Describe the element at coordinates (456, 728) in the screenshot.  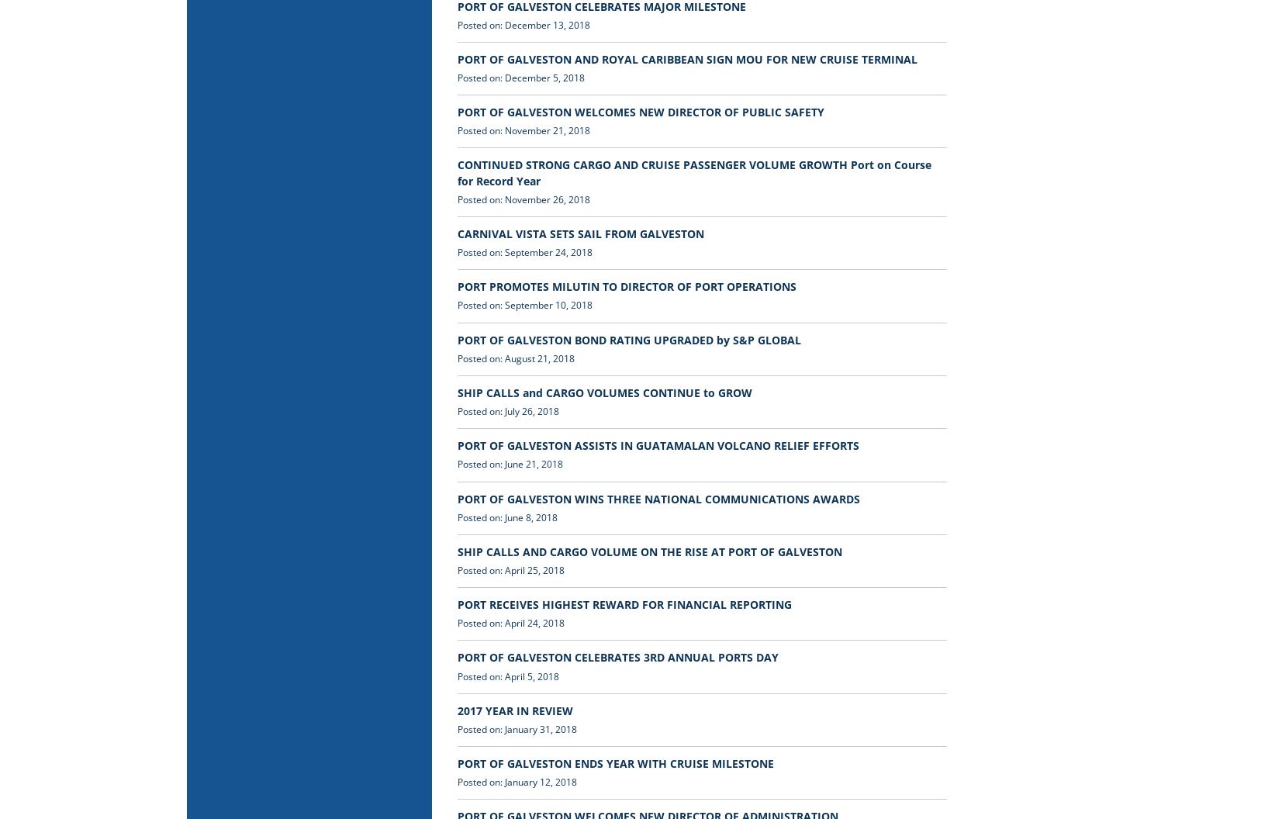
I see `'Posted on: January 31, 2018'` at that location.